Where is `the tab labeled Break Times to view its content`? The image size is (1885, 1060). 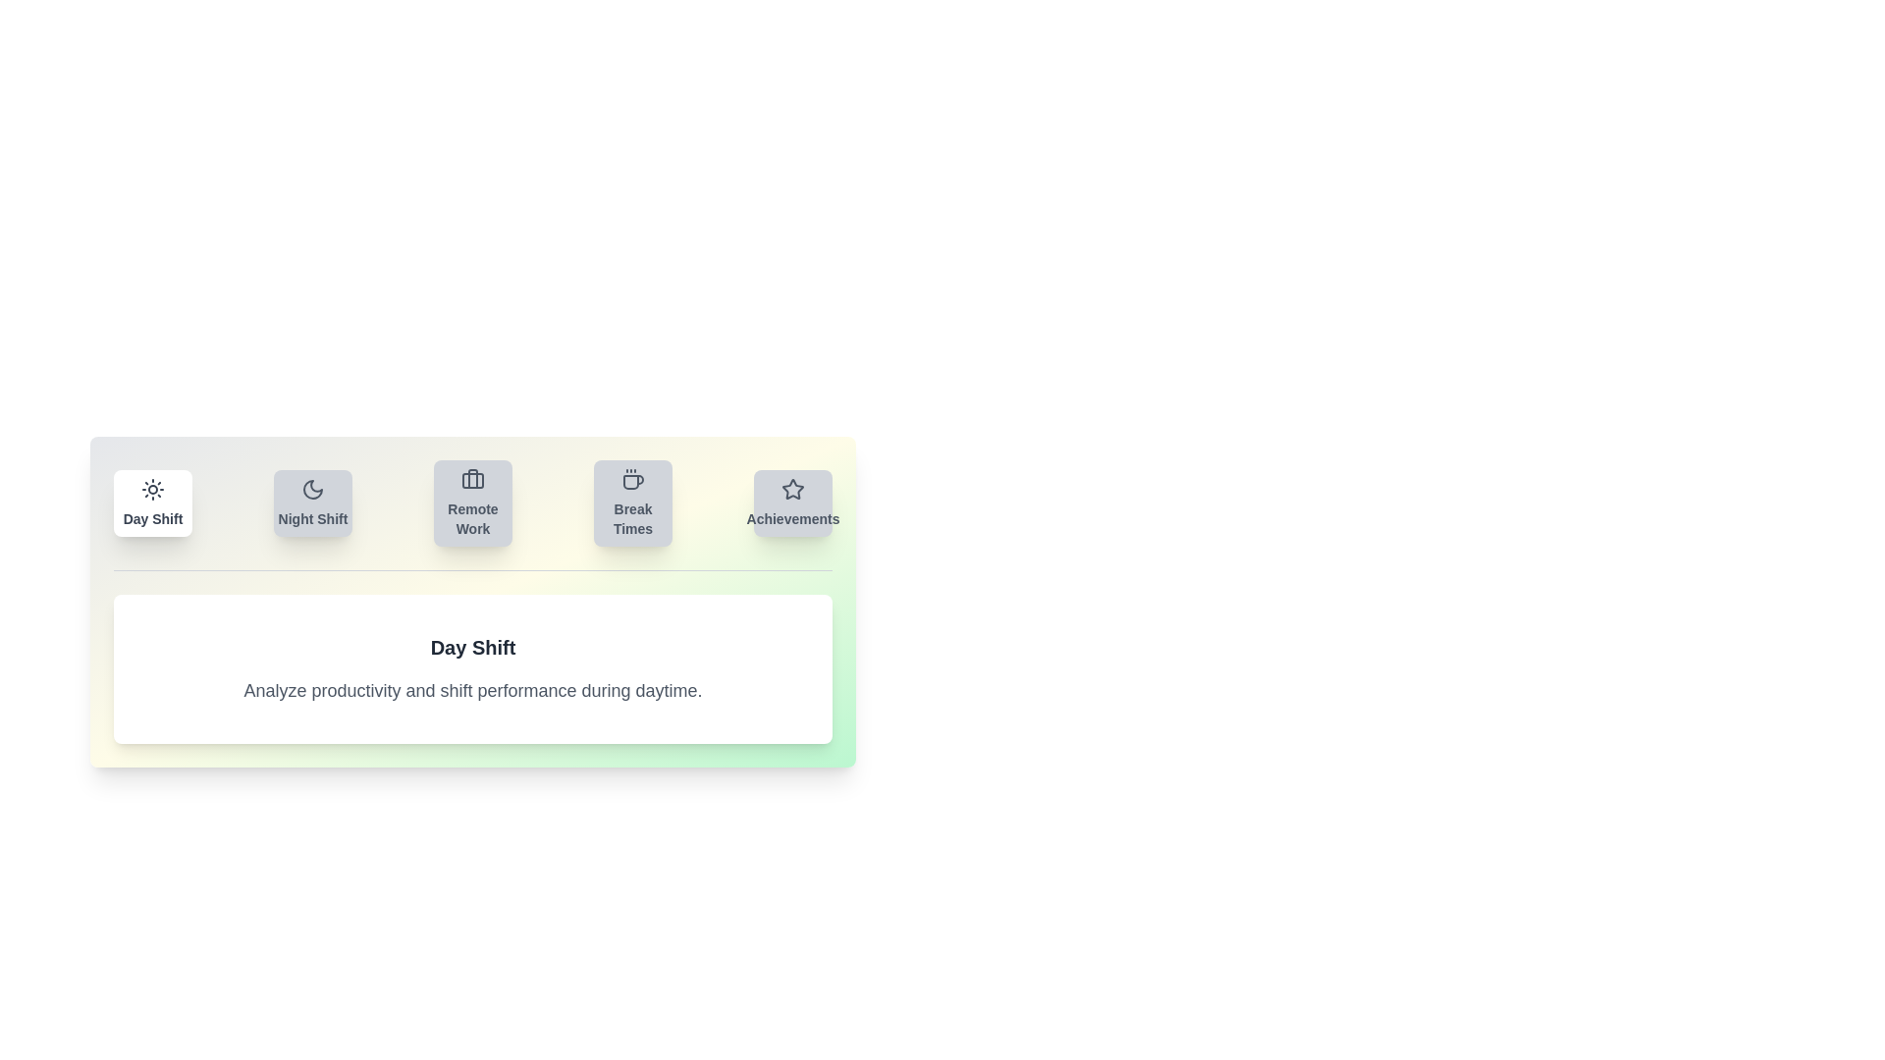 the tab labeled Break Times to view its content is located at coordinates (632, 503).